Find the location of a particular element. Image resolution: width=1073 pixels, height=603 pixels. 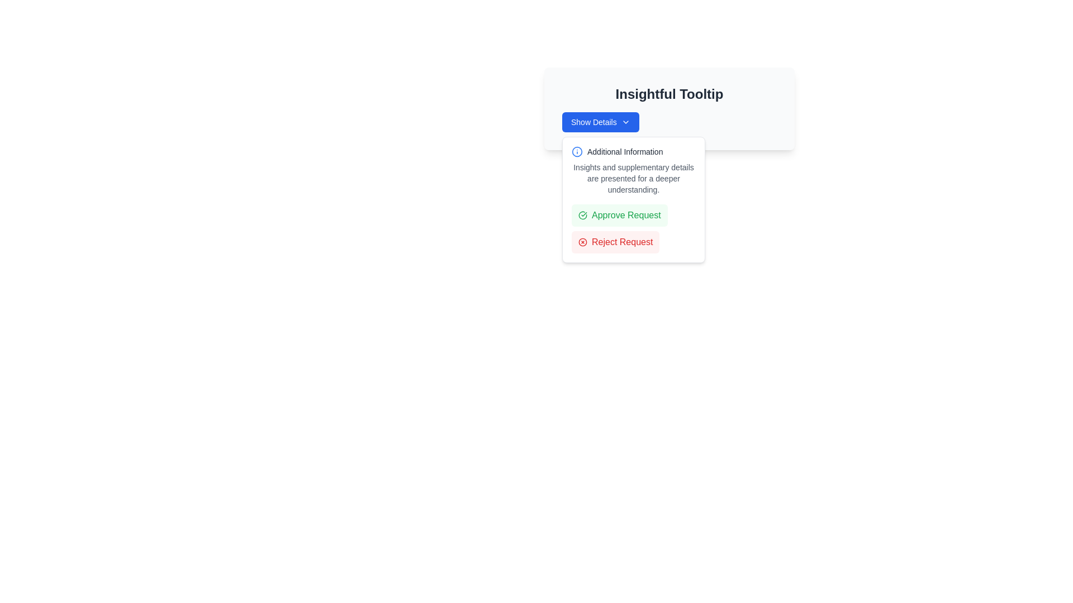

supplementary information text located below the heading 'Additional Information' and above the buttons 'Approve Request' and 'Reject Request' is located at coordinates (633, 178).